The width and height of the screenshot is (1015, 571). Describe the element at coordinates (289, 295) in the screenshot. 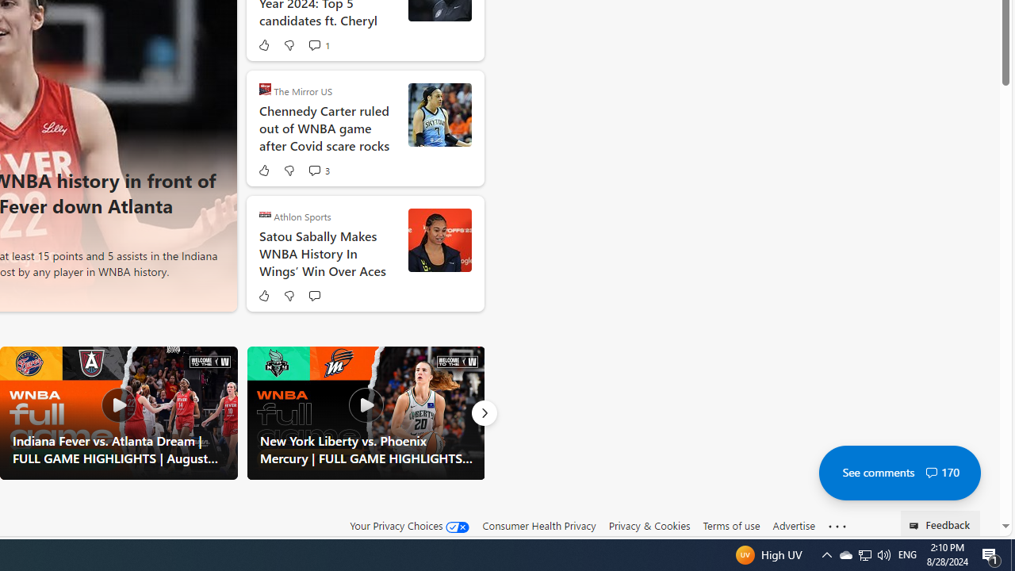

I see `'Dislike'` at that location.